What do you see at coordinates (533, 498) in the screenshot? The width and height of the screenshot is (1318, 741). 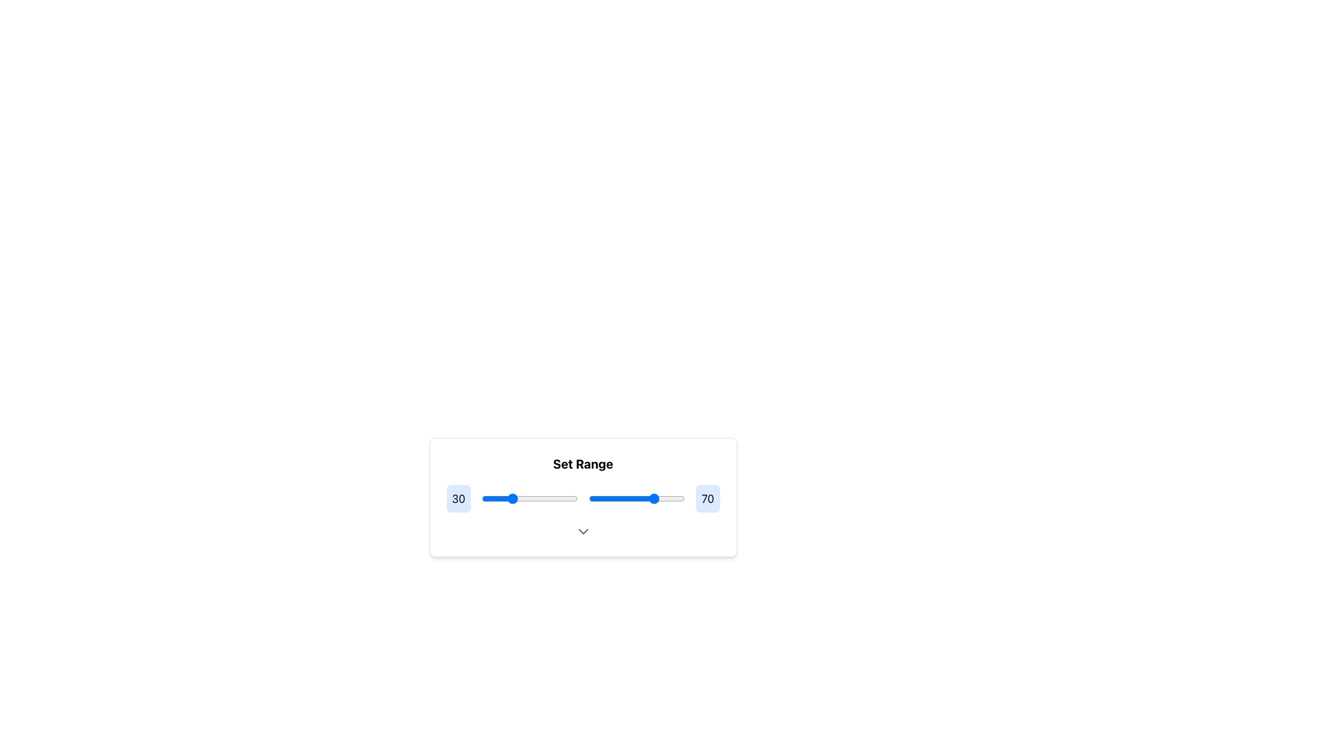 I see `the start value of the range slider` at bounding box center [533, 498].